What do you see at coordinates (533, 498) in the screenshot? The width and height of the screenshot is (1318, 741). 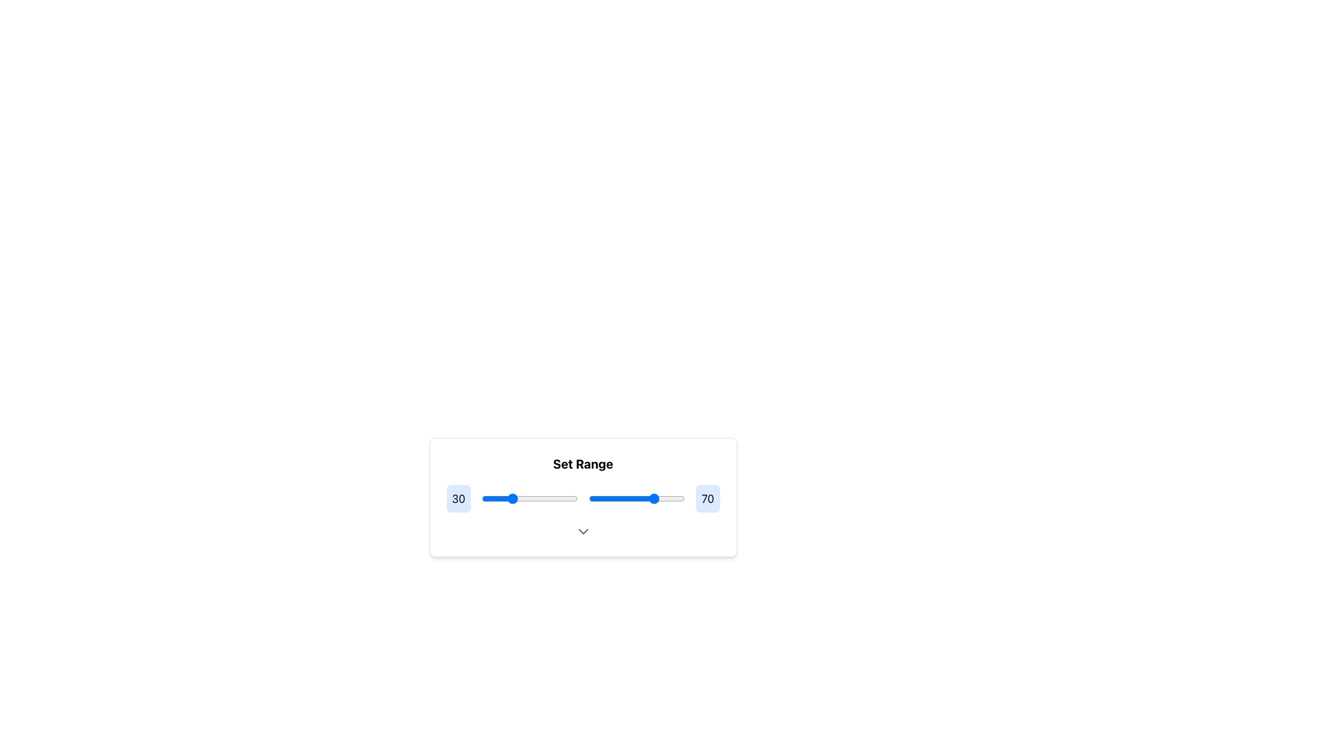 I see `the start value of the range slider` at bounding box center [533, 498].